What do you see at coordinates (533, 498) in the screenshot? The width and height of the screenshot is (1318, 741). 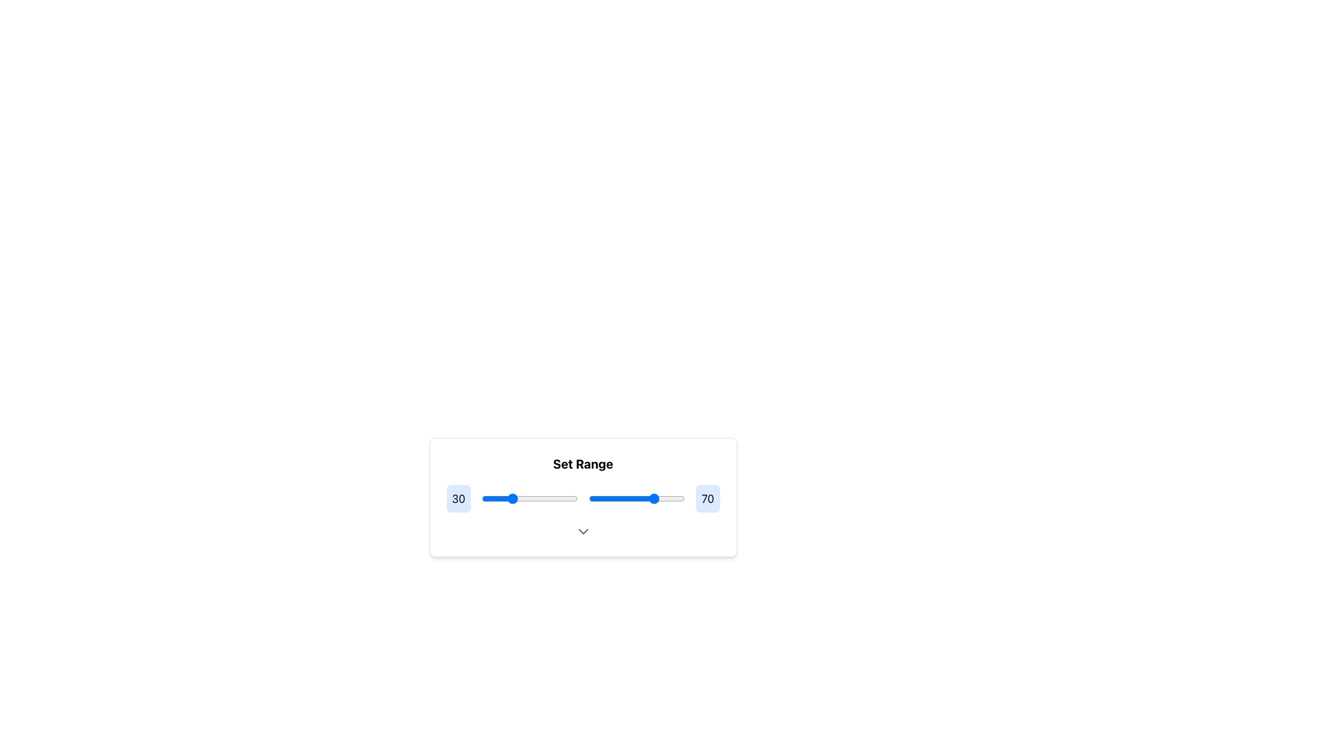 I see `the start value of the range slider` at bounding box center [533, 498].